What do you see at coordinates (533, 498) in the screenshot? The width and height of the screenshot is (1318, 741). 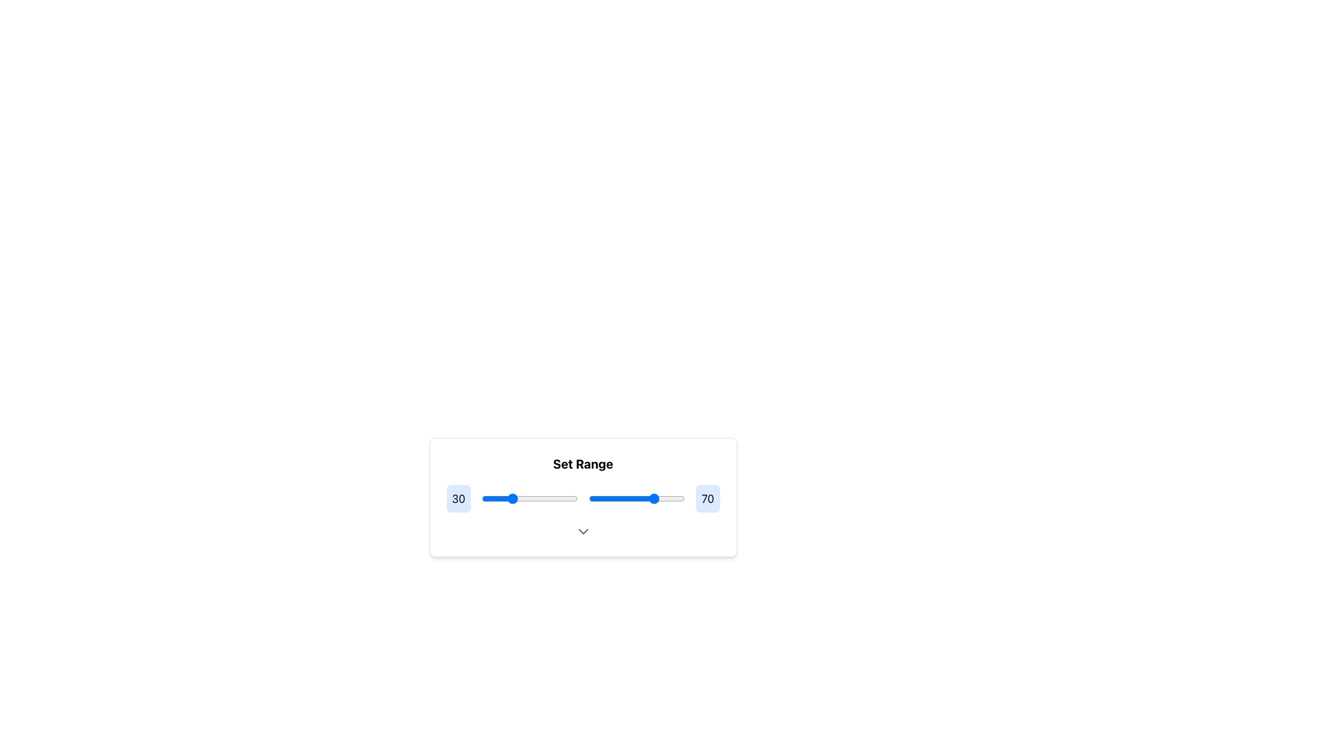 I see `the start value of the range slider` at bounding box center [533, 498].